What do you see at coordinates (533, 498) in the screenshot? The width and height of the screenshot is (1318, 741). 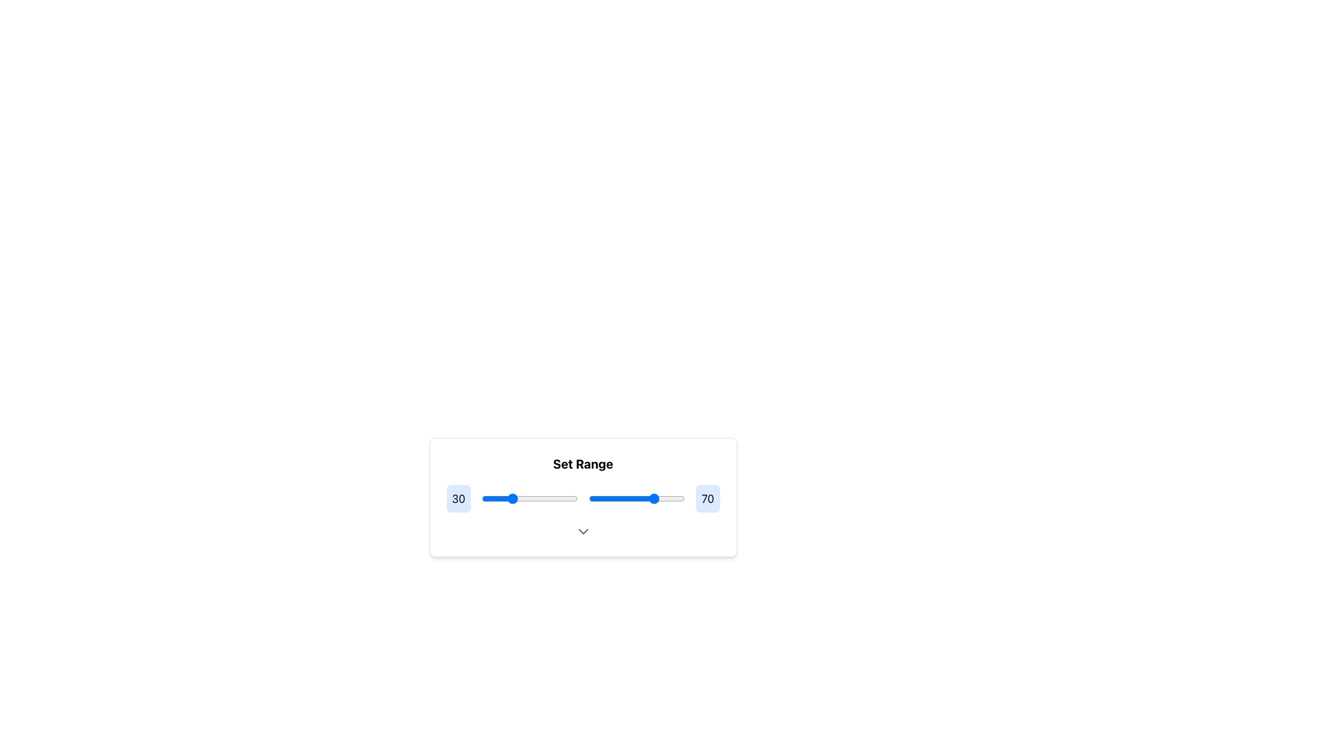 I see `the start value of the range slider` at bounding box center [533, 498].